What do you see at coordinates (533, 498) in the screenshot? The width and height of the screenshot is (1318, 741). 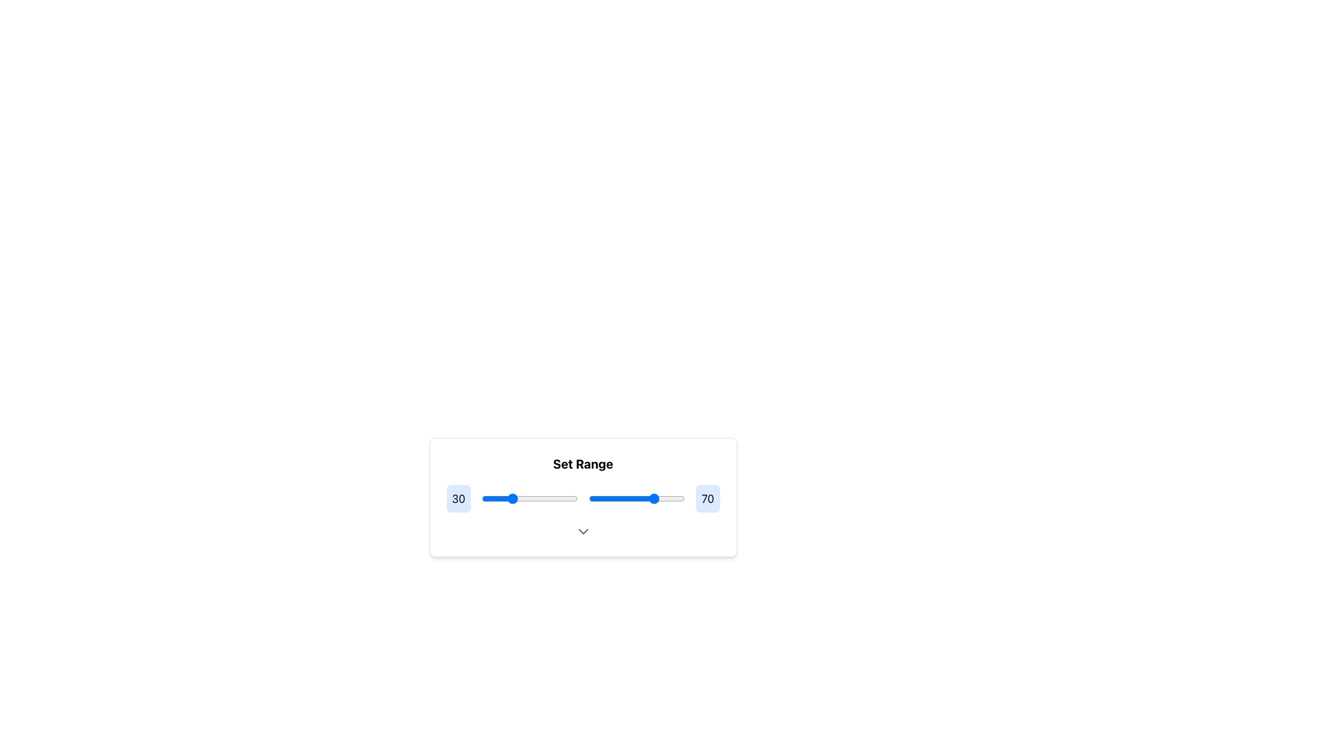 I see `the start value of the range slider` at bounding box center [533, 498].